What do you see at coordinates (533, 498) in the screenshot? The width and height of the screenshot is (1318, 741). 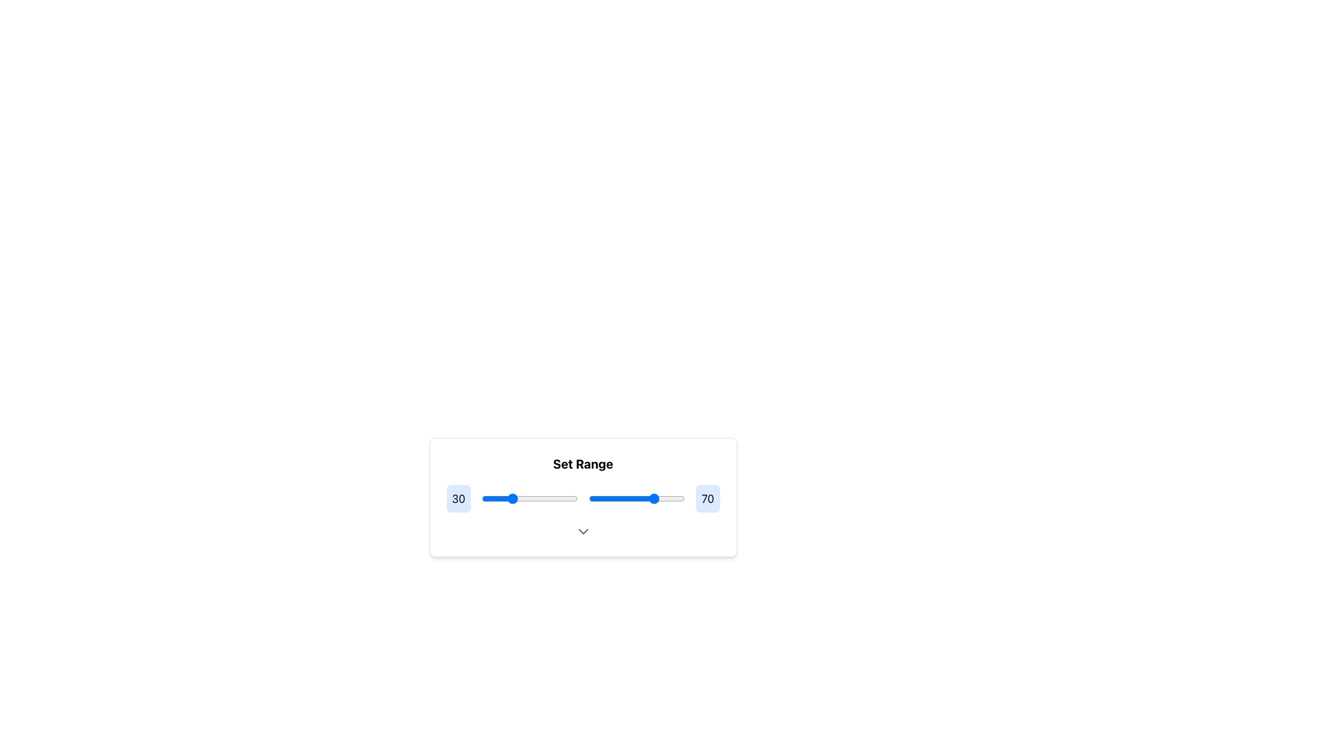 I see `the start value of the range slider` at bounding box center [533, 498].